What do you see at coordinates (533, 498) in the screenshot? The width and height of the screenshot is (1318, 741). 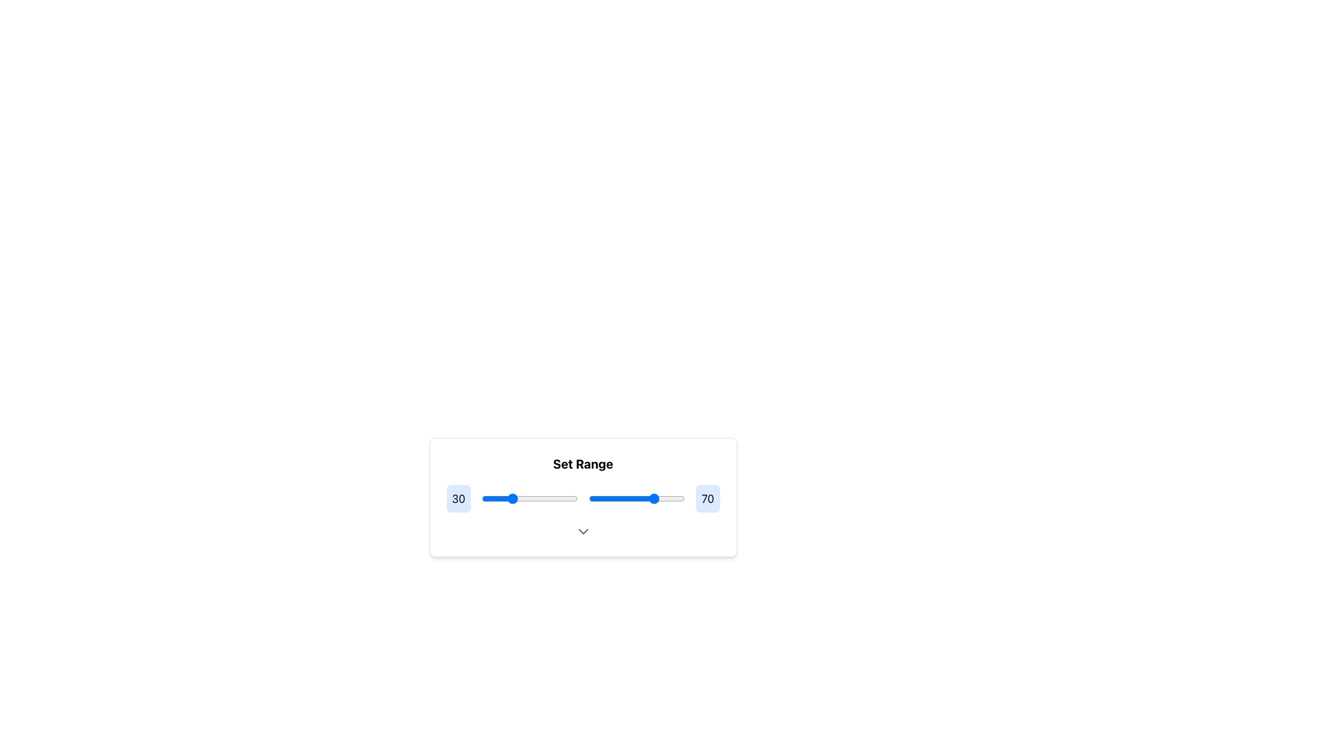 I see `the start value of the range slider` at bounding box center [533, 498].